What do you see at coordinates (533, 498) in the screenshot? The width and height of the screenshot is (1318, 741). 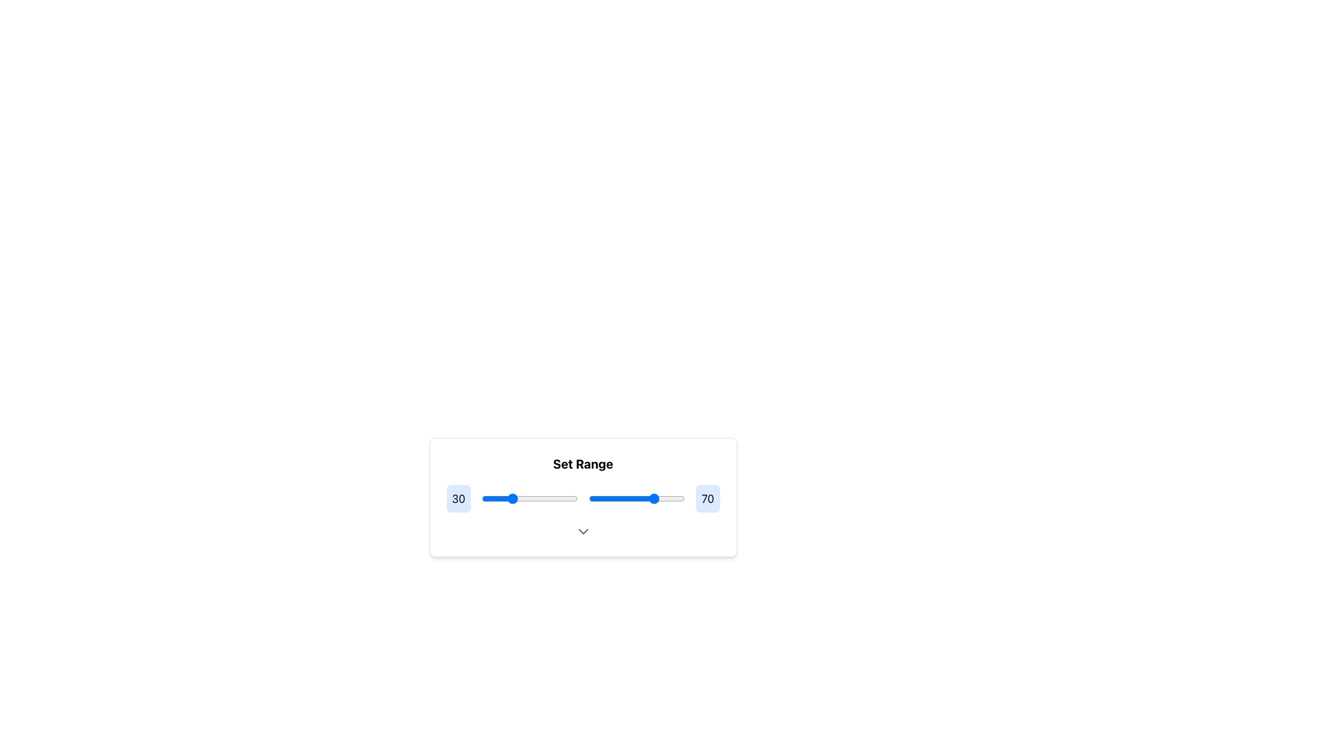 I see `the start value of the range slider` at bounding box center [533, 498].